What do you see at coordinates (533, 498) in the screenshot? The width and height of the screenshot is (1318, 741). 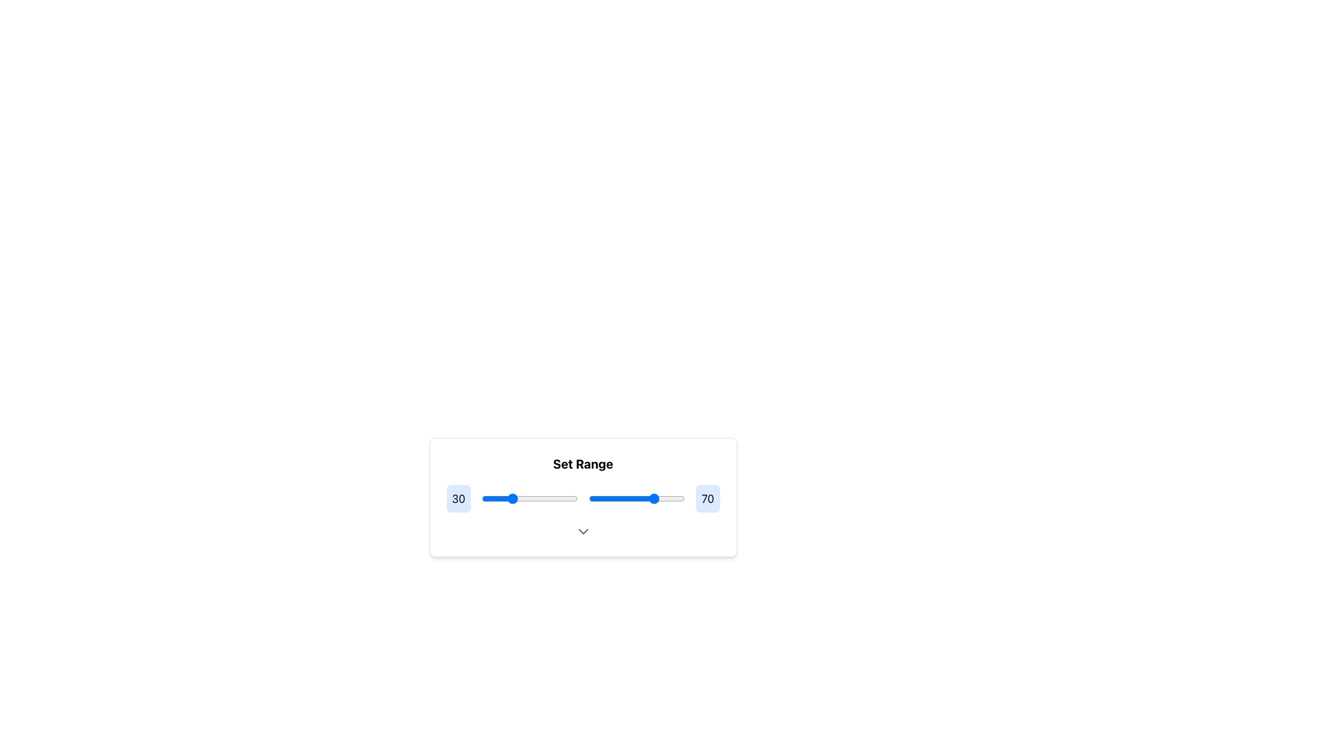 I see `the start value of the range slider` at bounding box center [533, 498].